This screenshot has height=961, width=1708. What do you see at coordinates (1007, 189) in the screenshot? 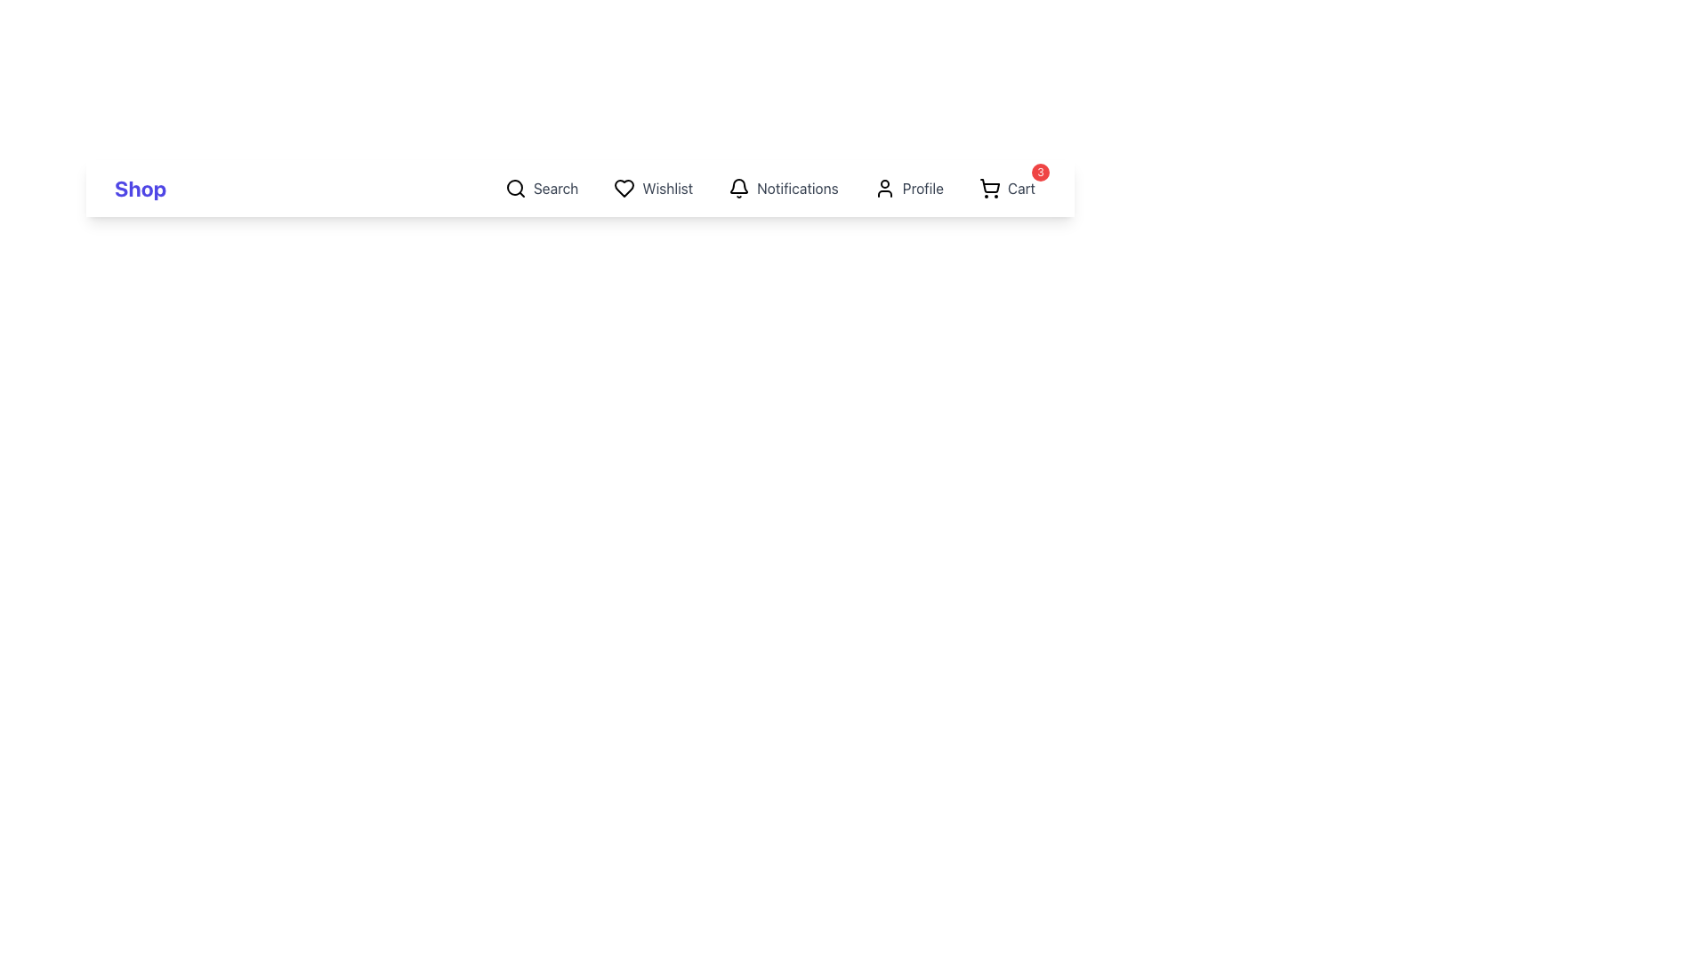
I see `the shopping cart button located at the end of the horizontal navigation bar` at bounding box center [1007, 189].